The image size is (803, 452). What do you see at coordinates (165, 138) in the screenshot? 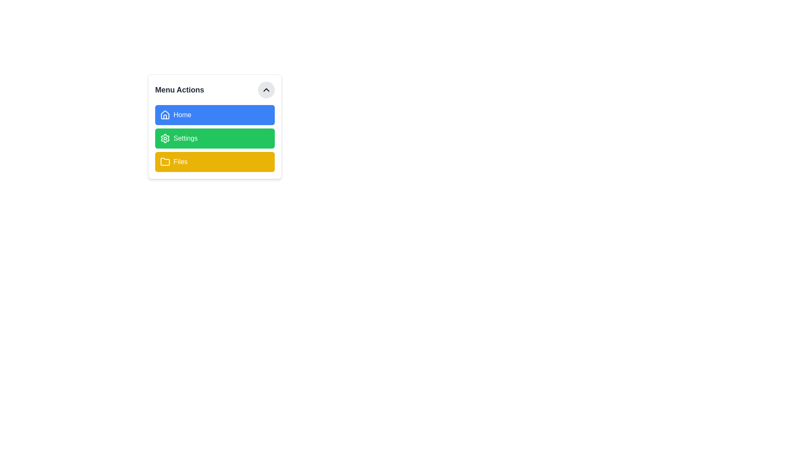
I see `the 'Settings' icon located to the left of the green 'Settings' button in the vertical menu` at bounding box center [165, 138].